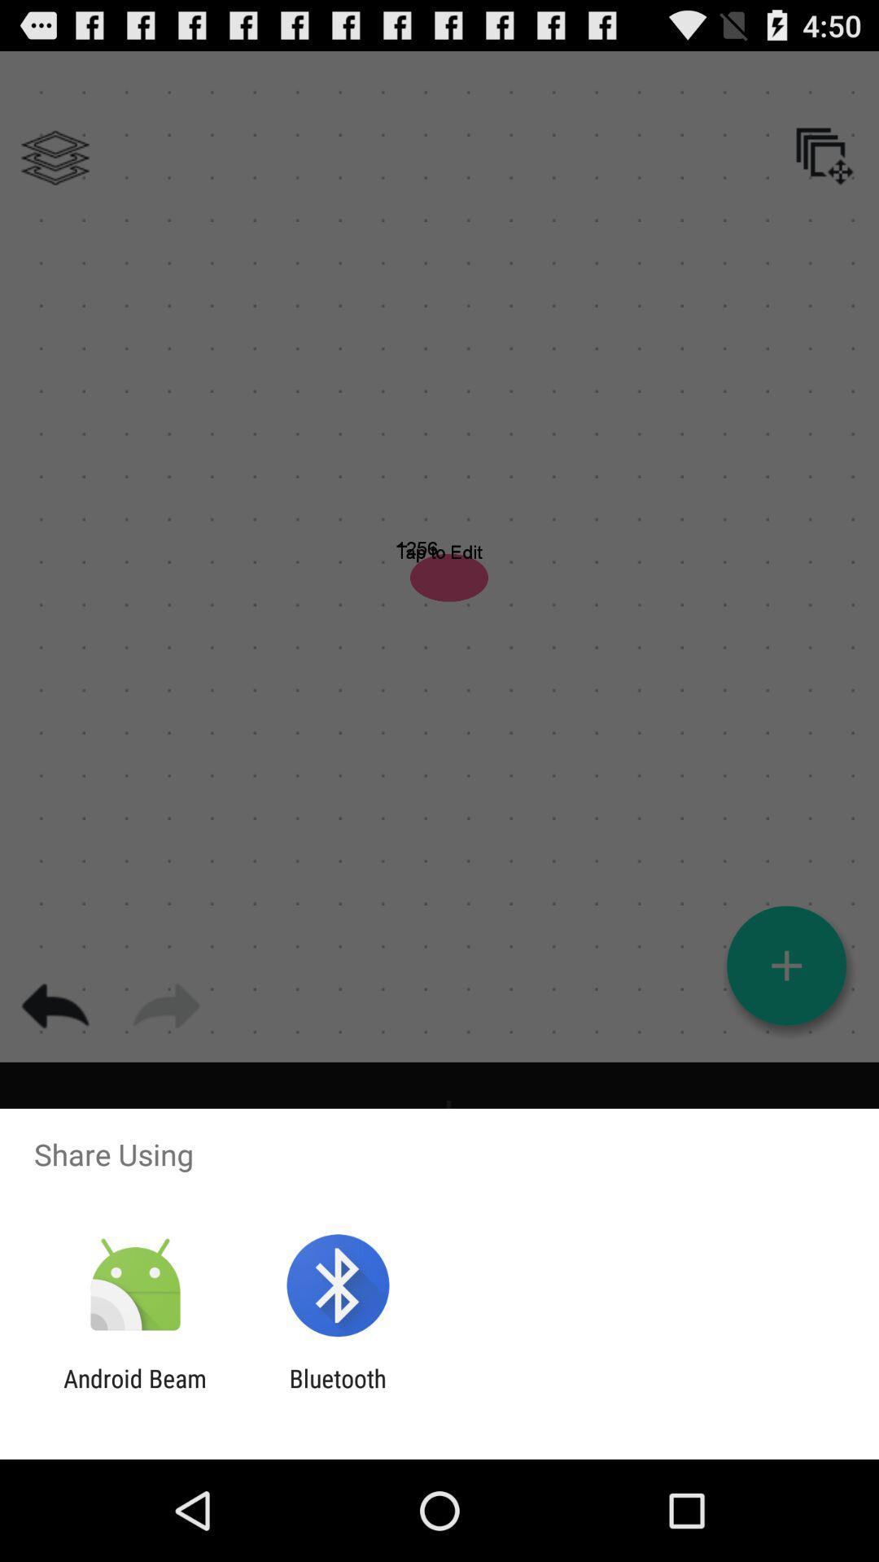 This screenshot has width=879, height=1562. I want to click on icon to the right of the android beam, so click(337, 1392).